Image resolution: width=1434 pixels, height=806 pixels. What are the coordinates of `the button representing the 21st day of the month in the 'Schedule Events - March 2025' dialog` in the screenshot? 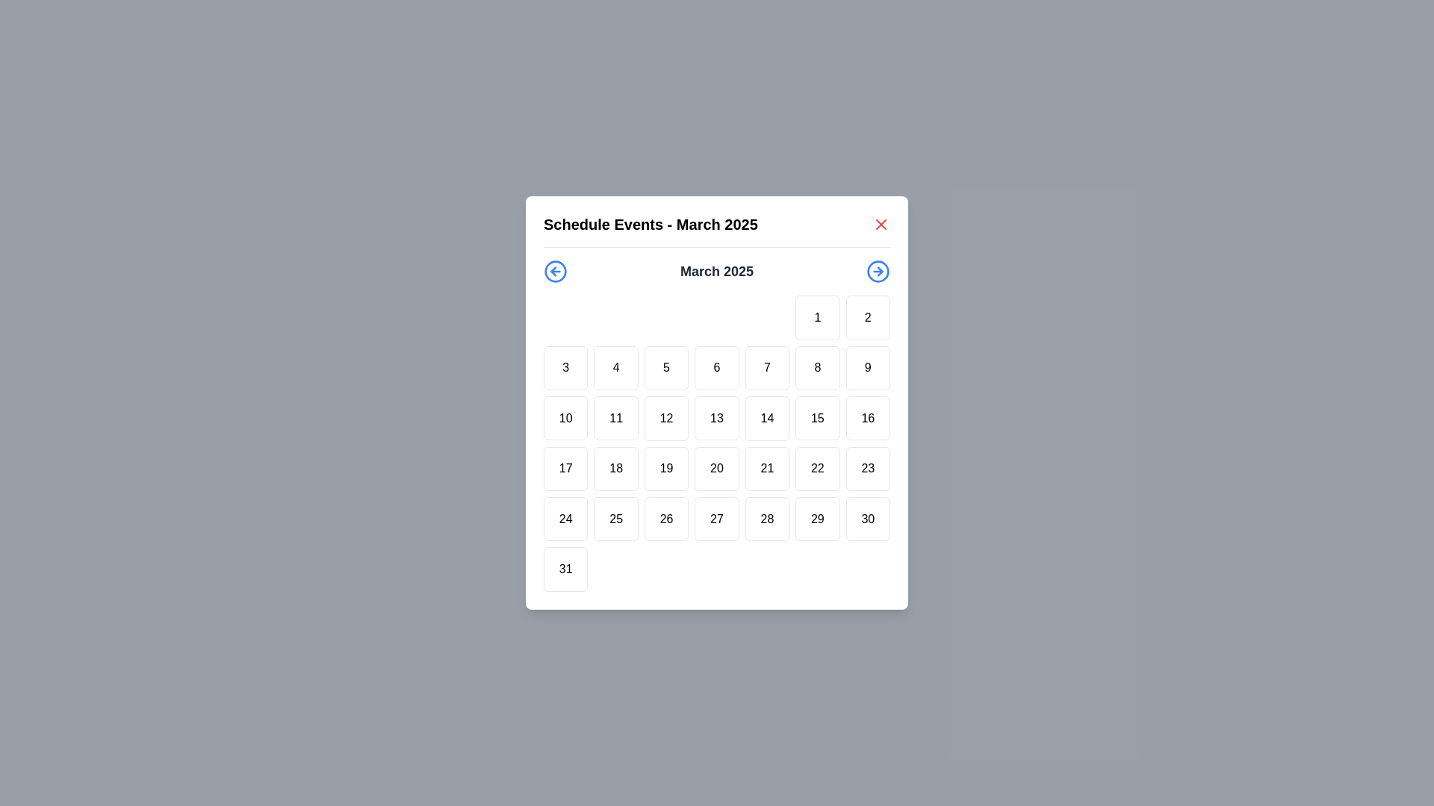 It's located at (767, 468).